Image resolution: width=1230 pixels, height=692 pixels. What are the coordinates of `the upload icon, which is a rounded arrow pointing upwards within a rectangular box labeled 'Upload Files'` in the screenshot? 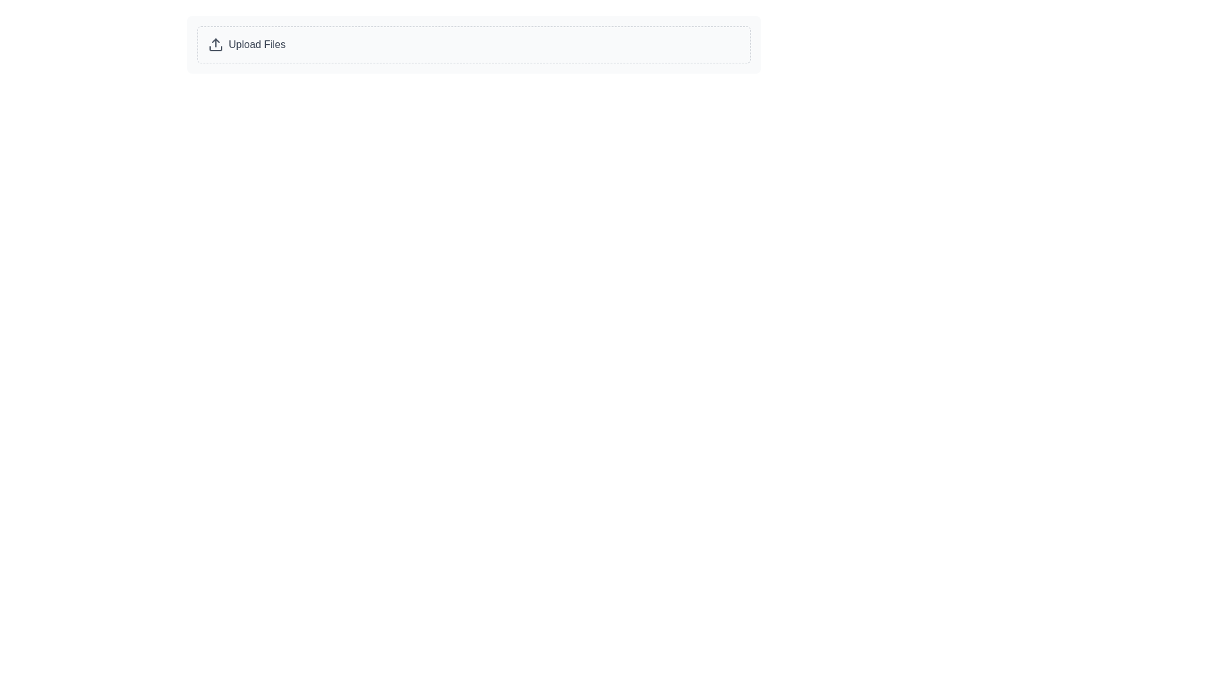 It's located at (215, 44).